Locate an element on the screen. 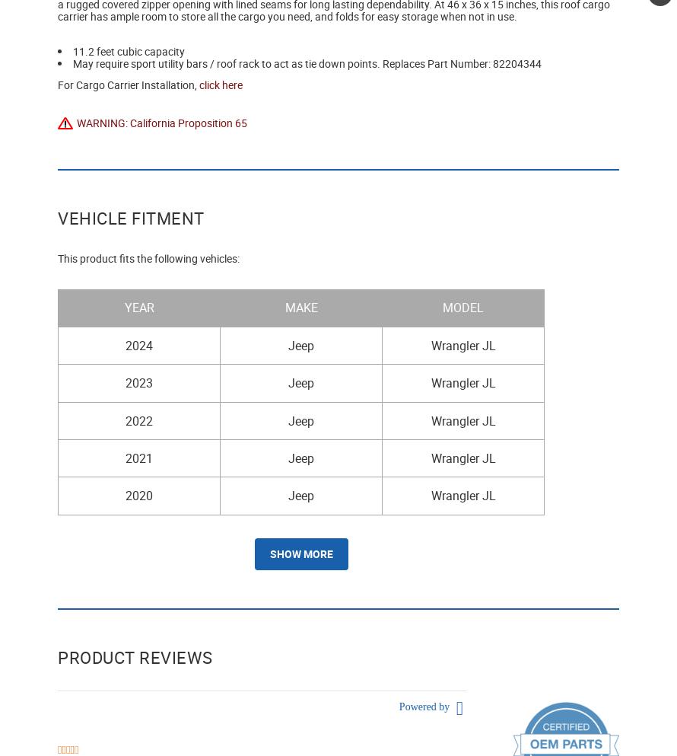 The height and width of the screenshot is (756, 677). 'Powered by' is located at coordinates (424, 706).